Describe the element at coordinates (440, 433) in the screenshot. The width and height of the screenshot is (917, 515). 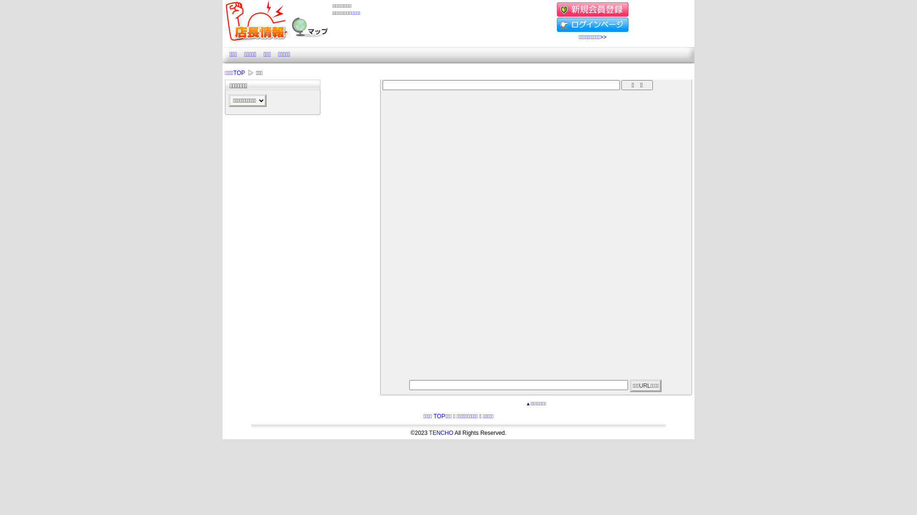
I see `'TENCHO'` at that location.